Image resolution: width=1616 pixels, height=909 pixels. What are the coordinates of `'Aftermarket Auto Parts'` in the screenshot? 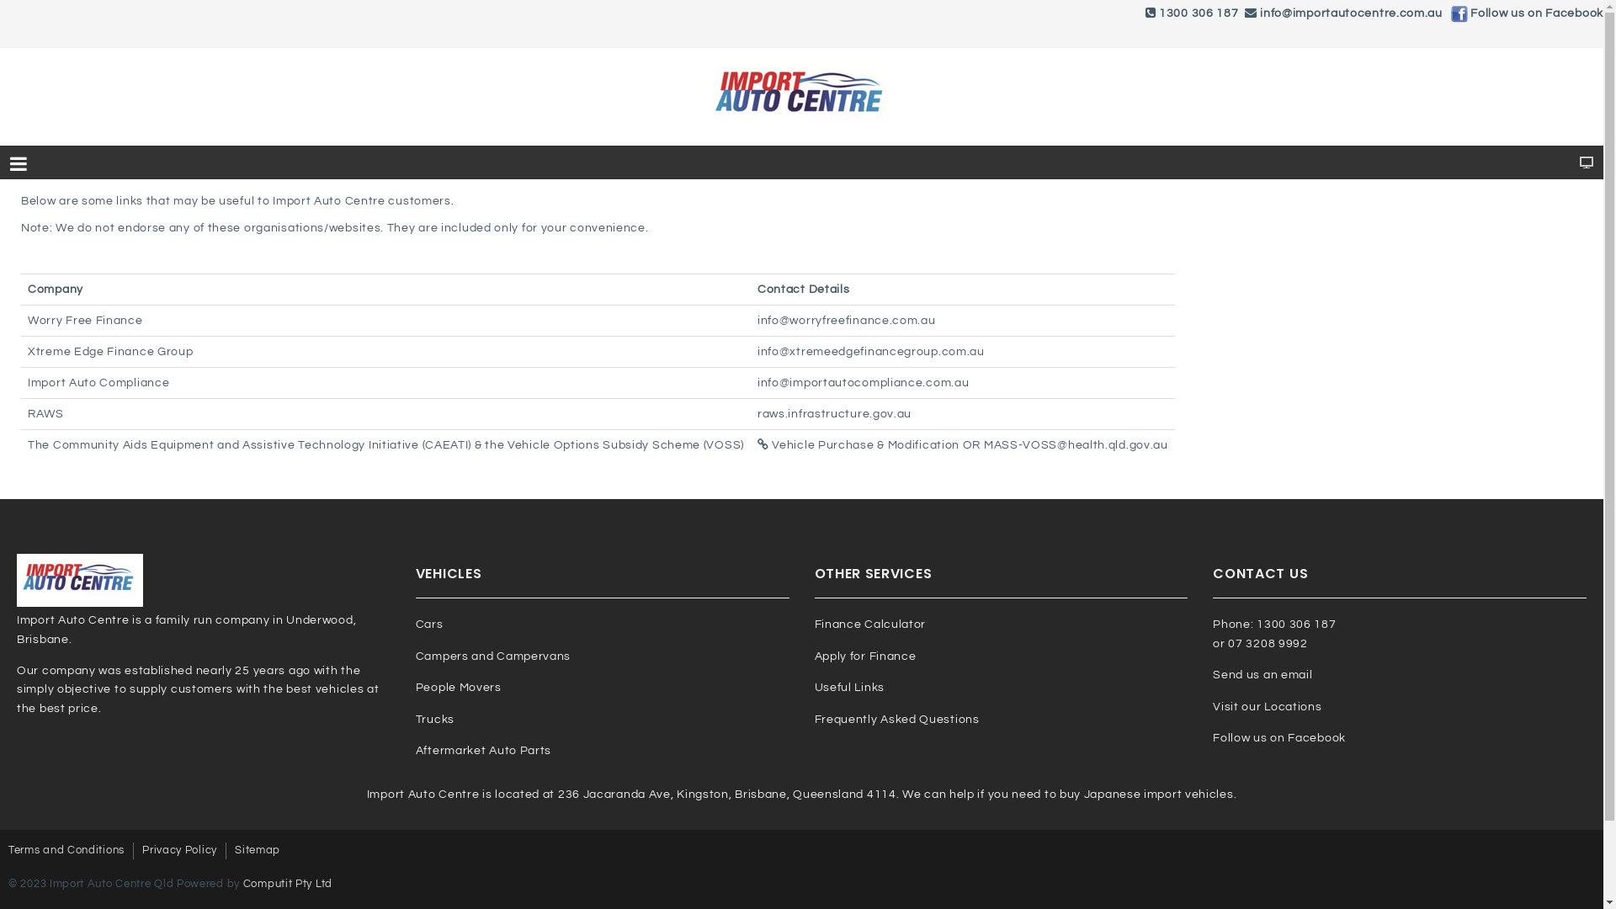 It's located at (482, 749).